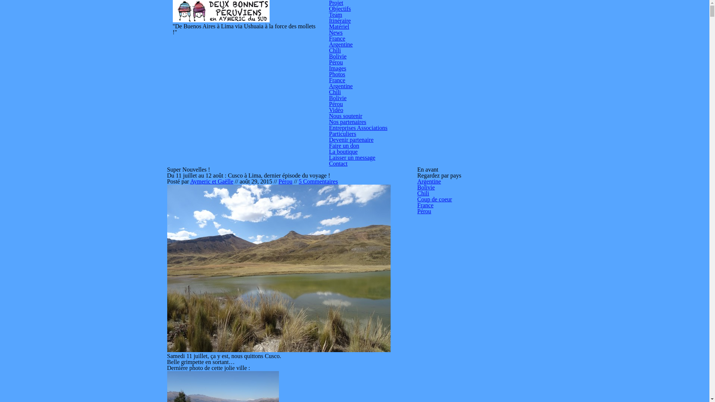 The height and width of the screenshot is (402, 715). Describe the element at coordinates (352, 157) in the screenshot. I see `'Laisser un message'` at that location.